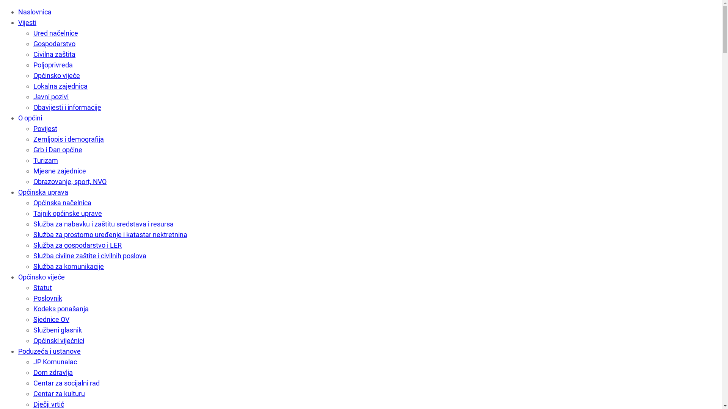 The height and width of the screenshot is (409, 728). I want to click on 'Gospodarstvo', so click(33, 44).